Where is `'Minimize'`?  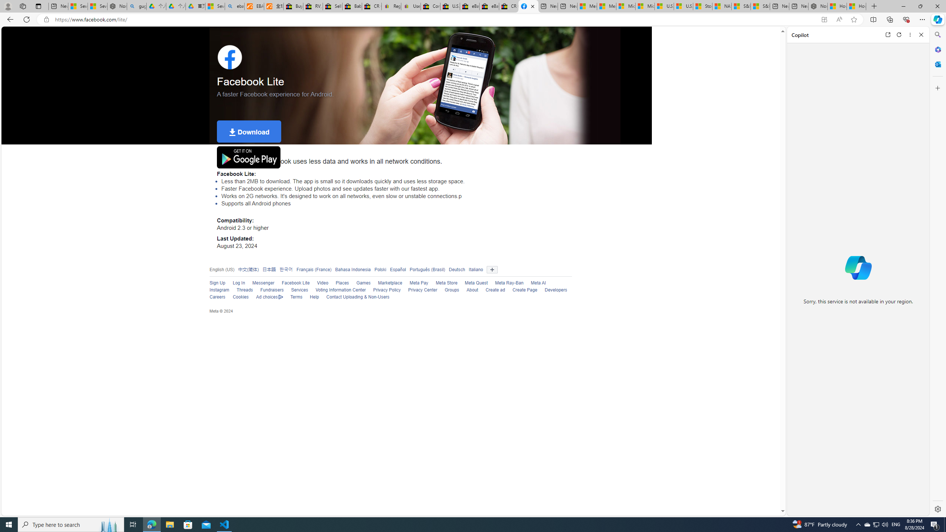 'Minimize' is located at coordinates (903, 6).